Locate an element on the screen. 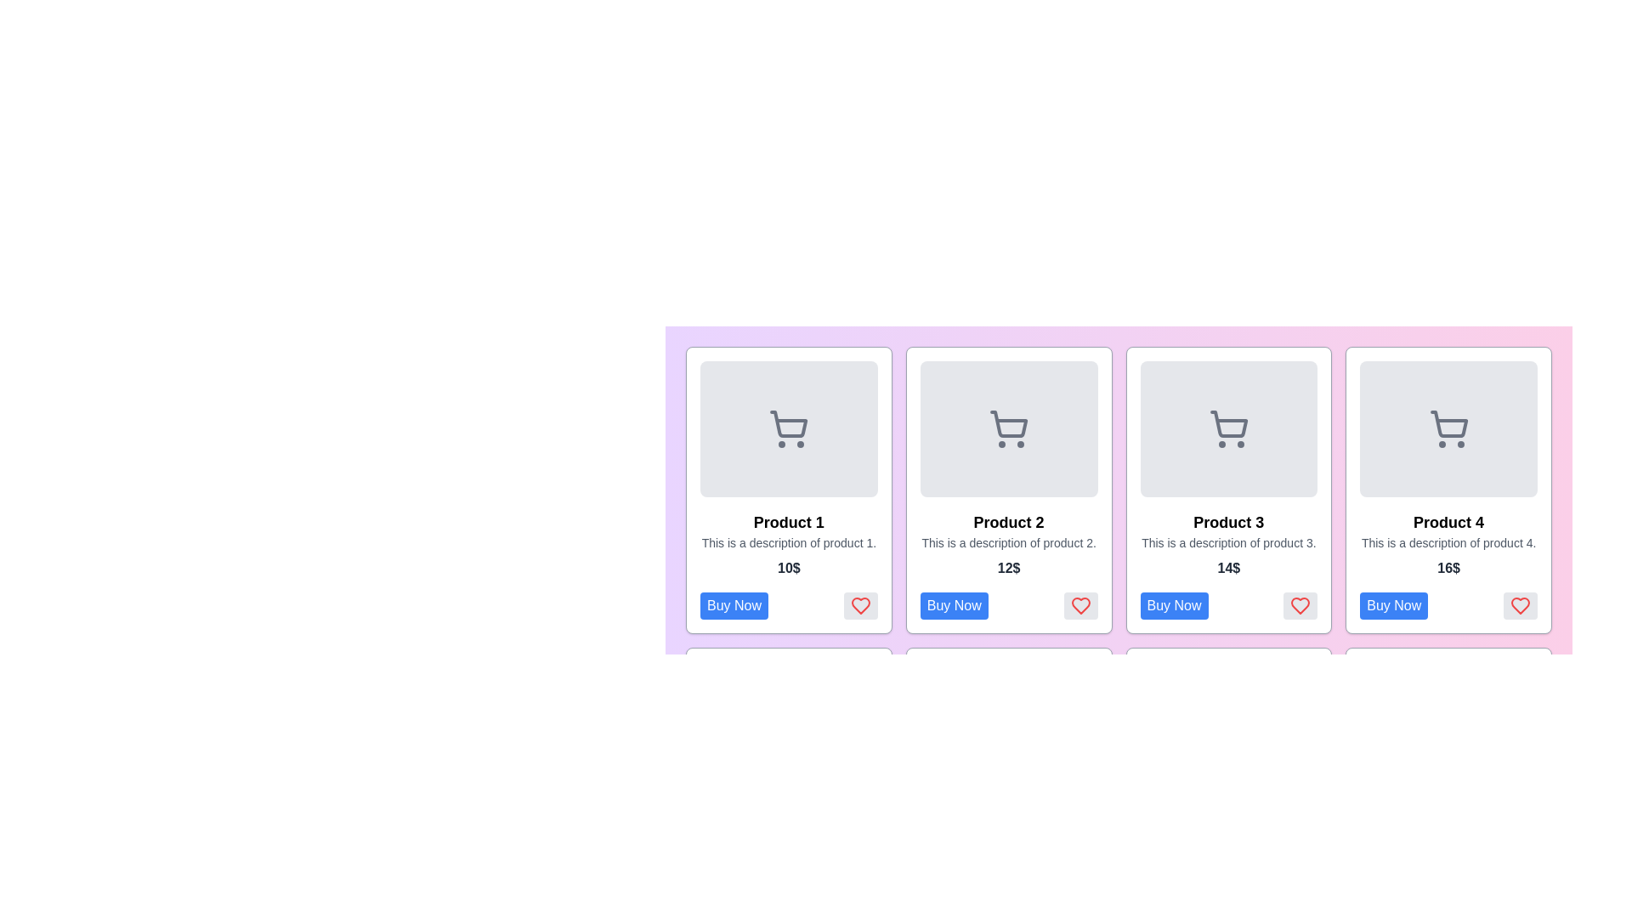 The width and height of the screenshot is (1632, 918). the light gray rounded rectangle graphical icon with a shopping cart, located above the title text 'Product 2' in the second product card is located at coordinates (1009, 428).